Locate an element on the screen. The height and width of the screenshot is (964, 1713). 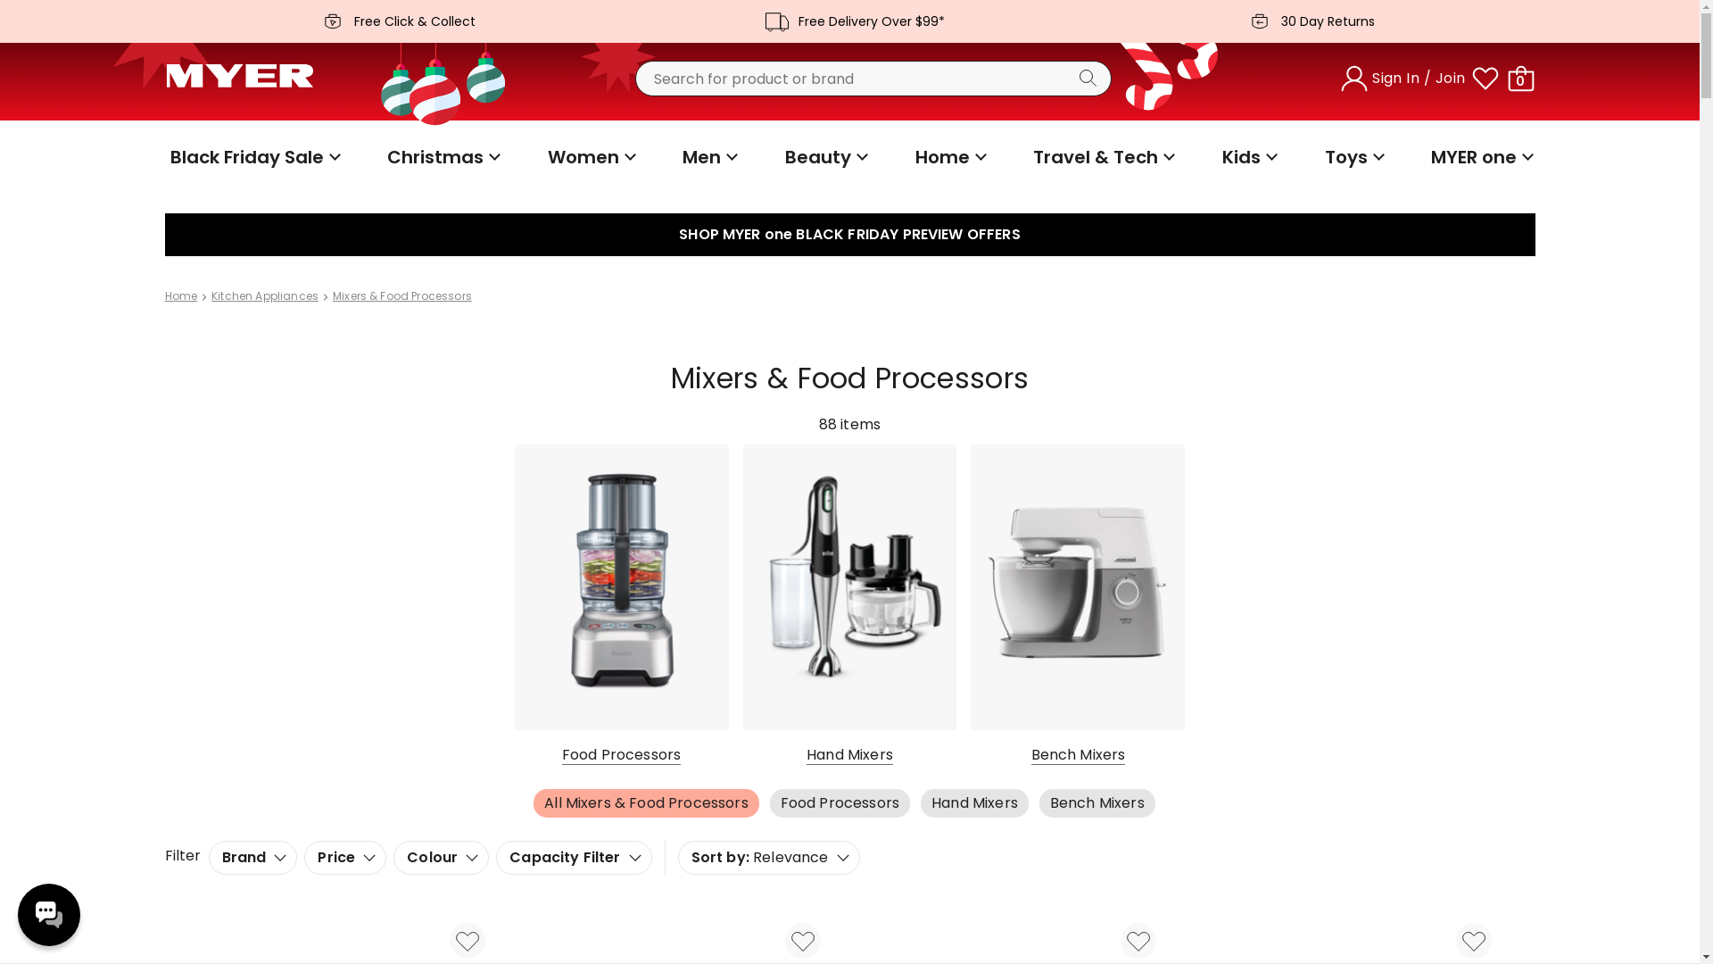
'Men' is located at coordinates (707, 156).